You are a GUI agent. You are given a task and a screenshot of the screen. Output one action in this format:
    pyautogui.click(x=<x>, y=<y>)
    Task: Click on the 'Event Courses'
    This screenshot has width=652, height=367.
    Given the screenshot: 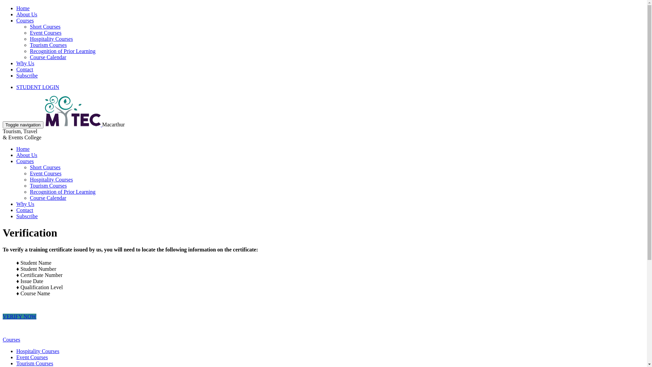 What is the action you would take?
    pyautogui.click(x=32, y=357)
    